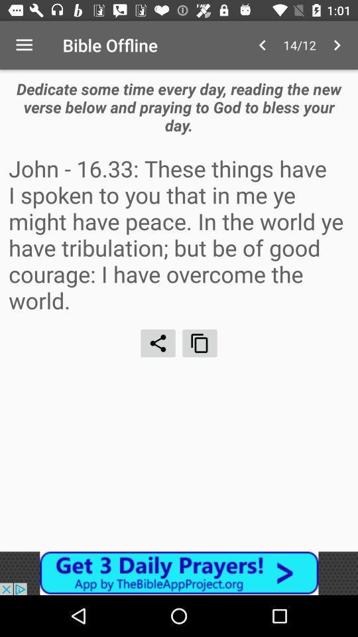 This screenshot has width=358, height=637. Describe the element at coordinates (199, 342) in the screenshot. I see `copy it` at that location.